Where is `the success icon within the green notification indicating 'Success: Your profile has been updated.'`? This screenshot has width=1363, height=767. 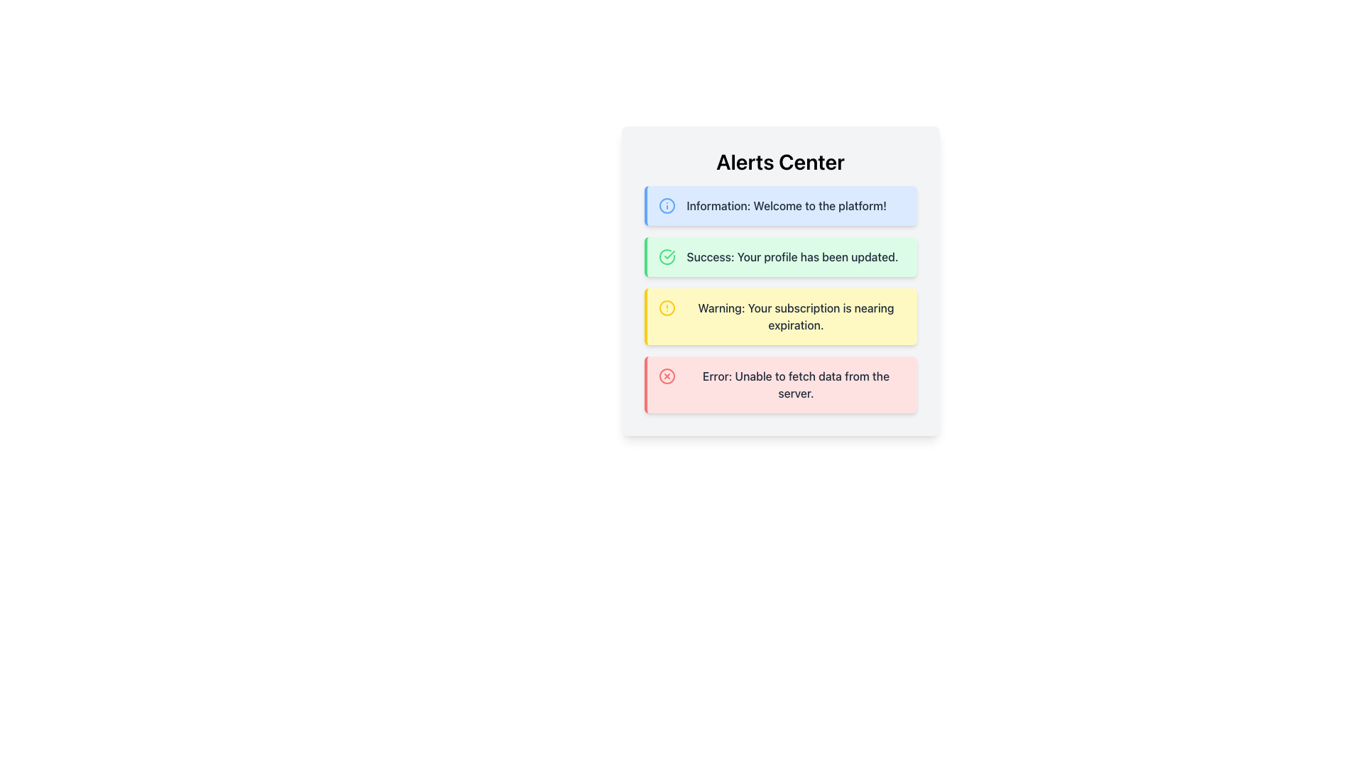 the success icon within the green notification indicating 'Success: Your profile has been updated.' is located at coordinates (666, 257).